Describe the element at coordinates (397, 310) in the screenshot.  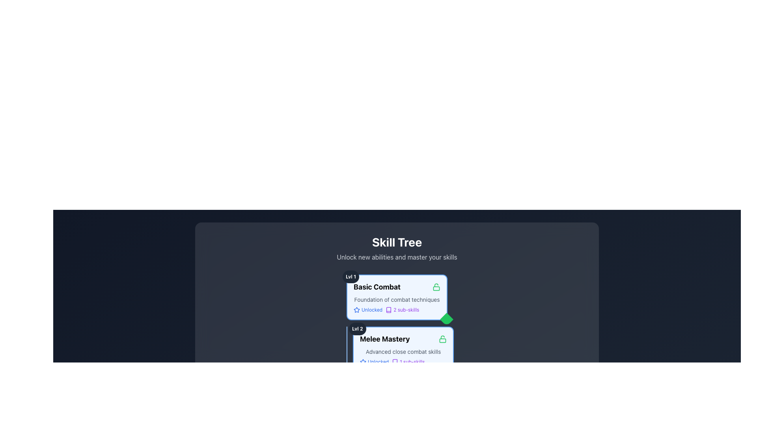
I see `informational label with icons and text indicating 'Unlocked' and '2 sub-skills' located within the 'Basic Combat' section of the skill tree interface` at that location.